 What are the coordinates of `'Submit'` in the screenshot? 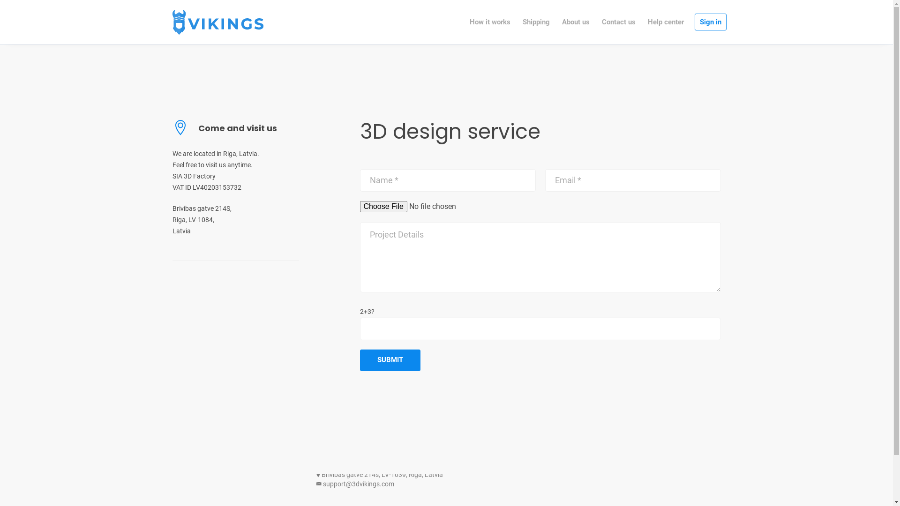 It's located at (390, 359).